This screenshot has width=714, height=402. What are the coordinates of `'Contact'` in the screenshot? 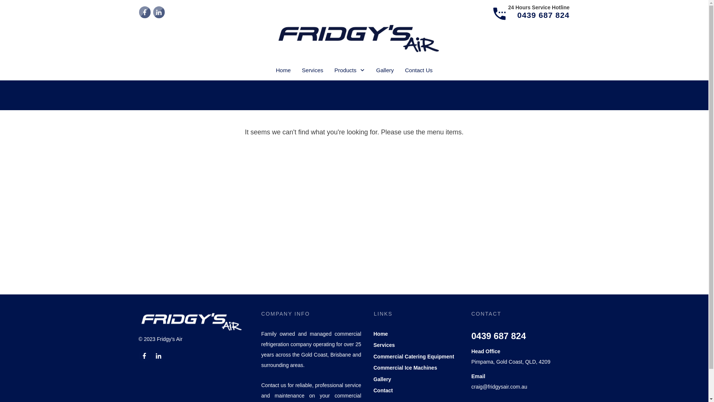 It's located at (383, 390).